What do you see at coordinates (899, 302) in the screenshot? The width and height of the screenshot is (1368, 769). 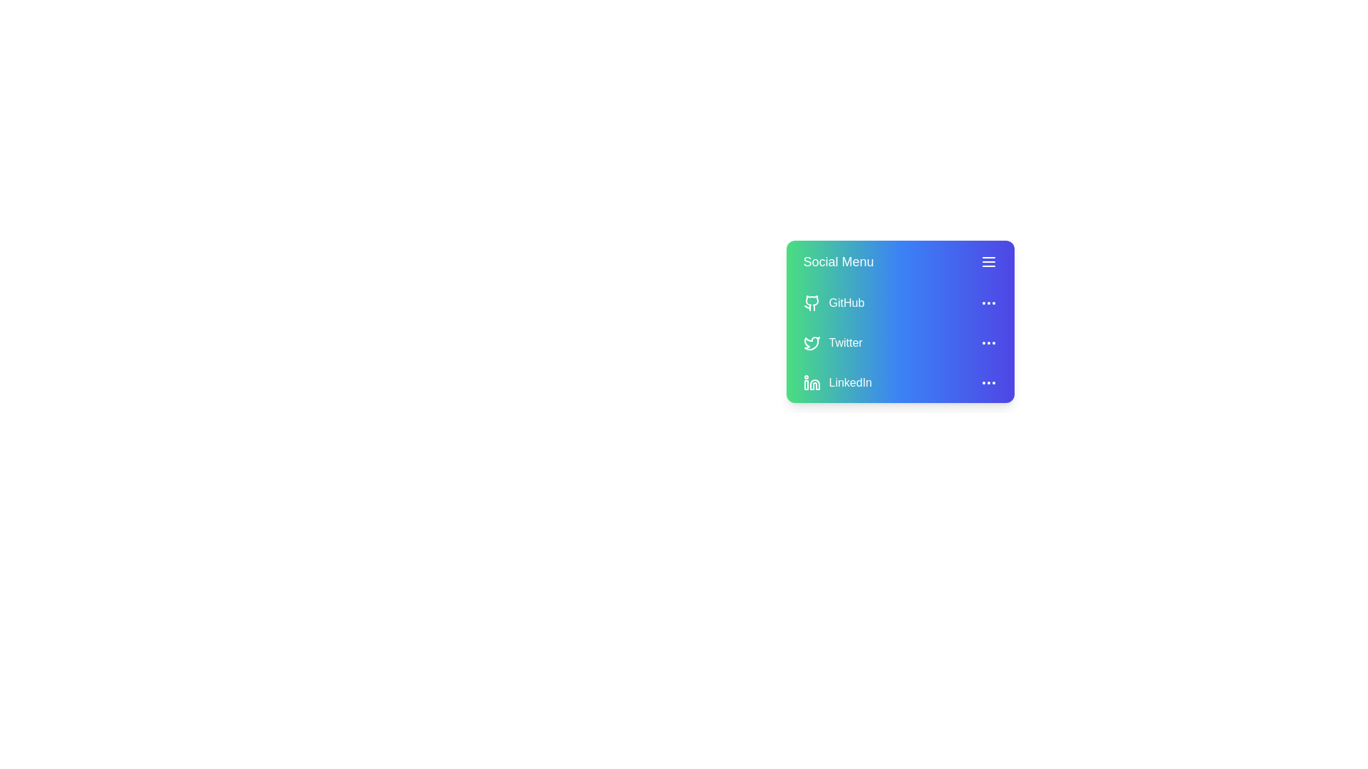 I see `the text element GitHub for selection or copying` at bounding box center [899, 302].